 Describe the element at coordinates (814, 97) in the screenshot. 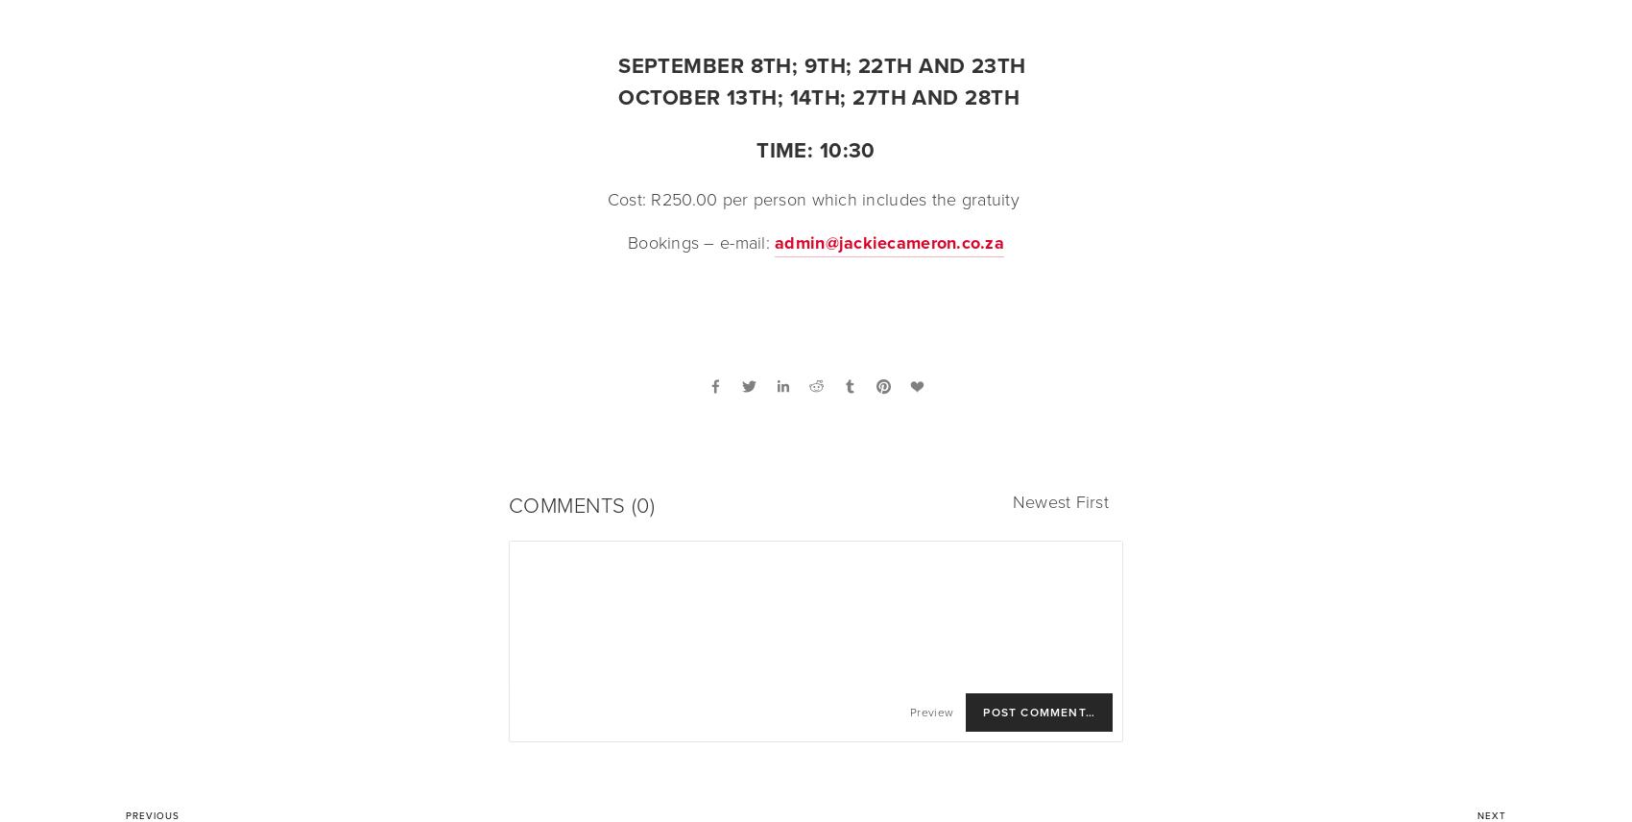

I see `'October 13th; 14th; 27th and 28th'` at that location.